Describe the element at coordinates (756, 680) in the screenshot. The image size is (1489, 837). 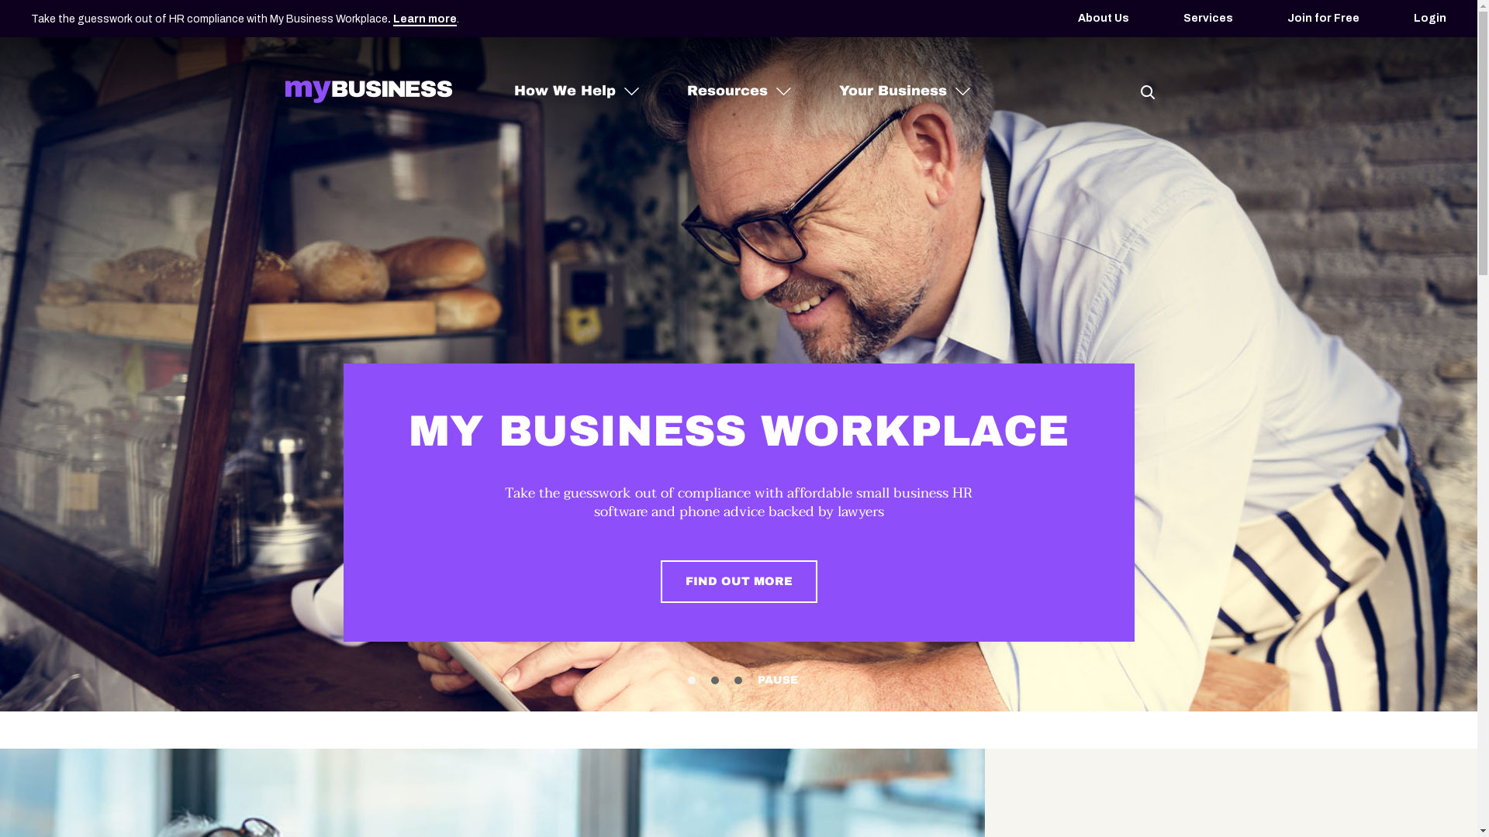
I see `'PAUSE'` at that location.